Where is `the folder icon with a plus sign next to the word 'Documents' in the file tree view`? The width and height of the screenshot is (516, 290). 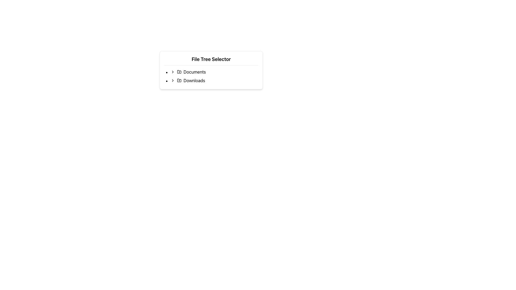
the folder icon with a plus sign next to the word 'Documents' in the file tree view is located at coordinates (179, 71).